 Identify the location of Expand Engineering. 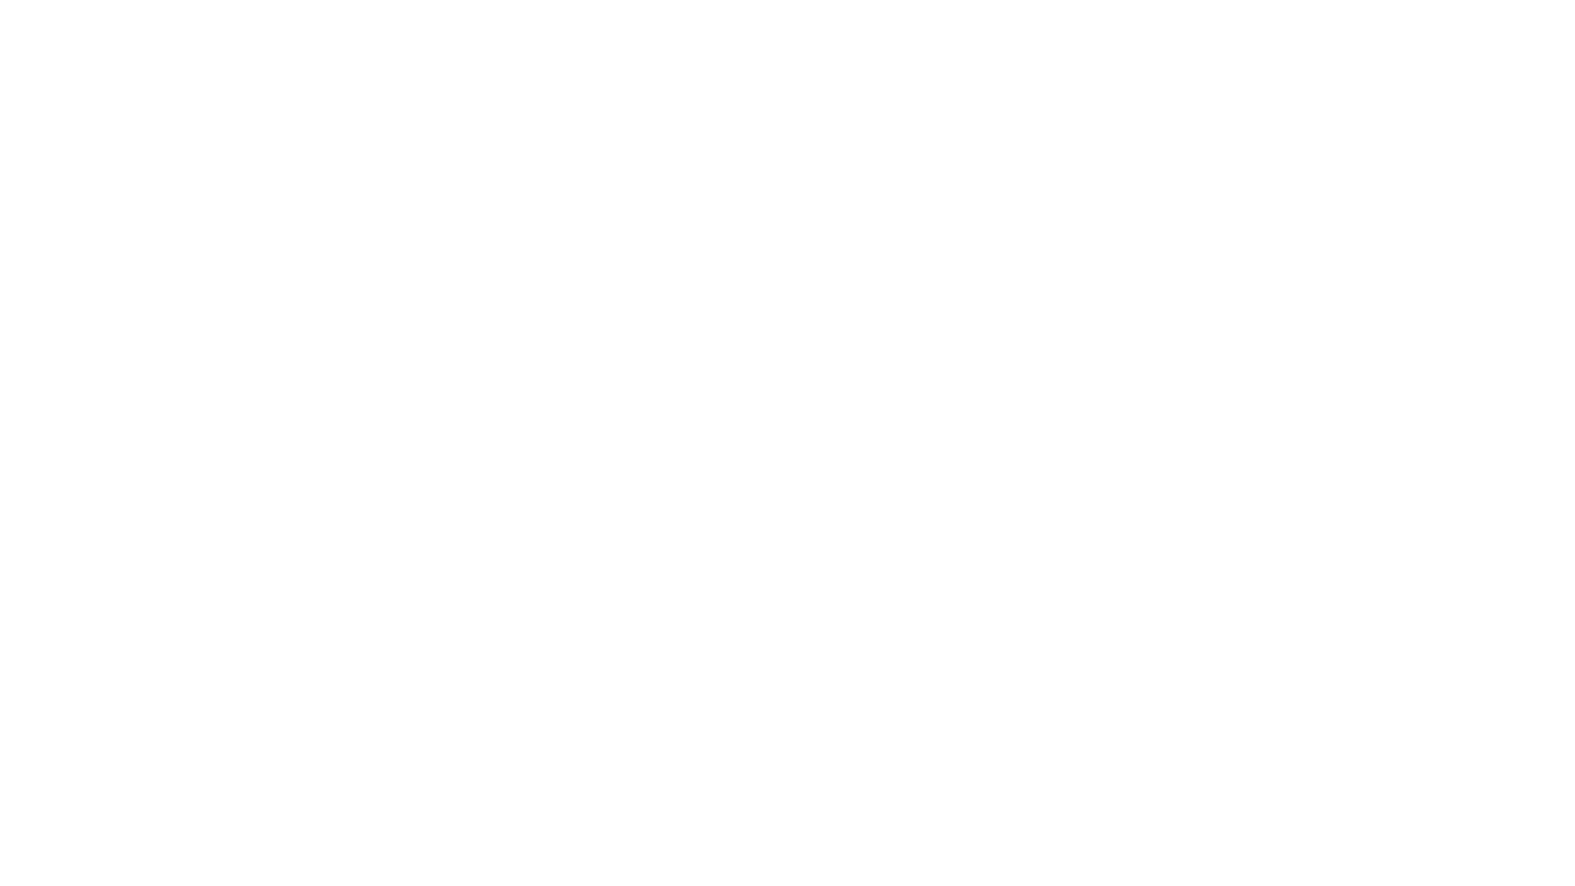
(183, 798).